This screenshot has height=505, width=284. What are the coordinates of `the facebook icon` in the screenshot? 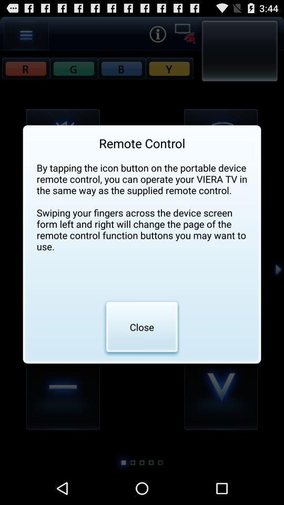 It's located at (73, 72).